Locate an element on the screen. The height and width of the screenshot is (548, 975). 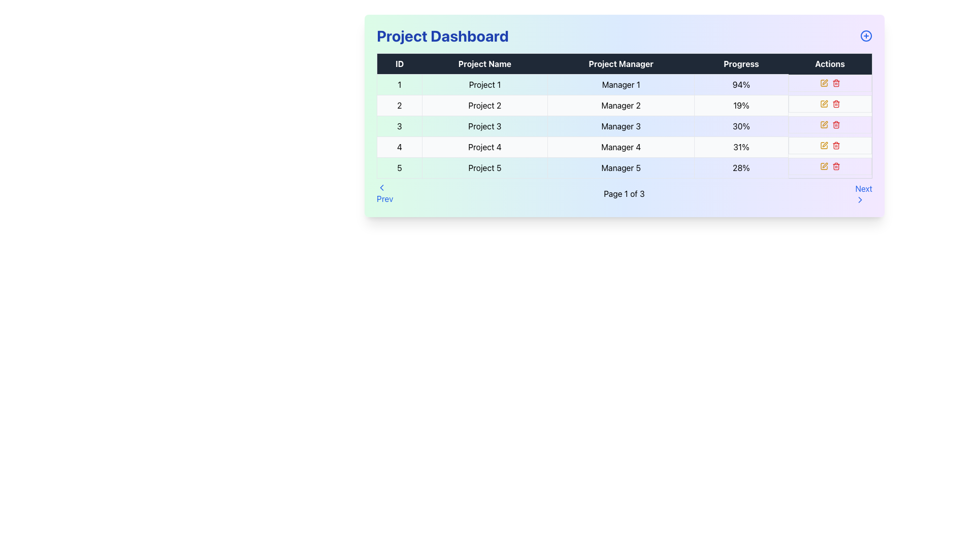
the editing icon in the first row of the 'Actions' column in the 'Project Dashboard' table is located at coordinates (825, 144).